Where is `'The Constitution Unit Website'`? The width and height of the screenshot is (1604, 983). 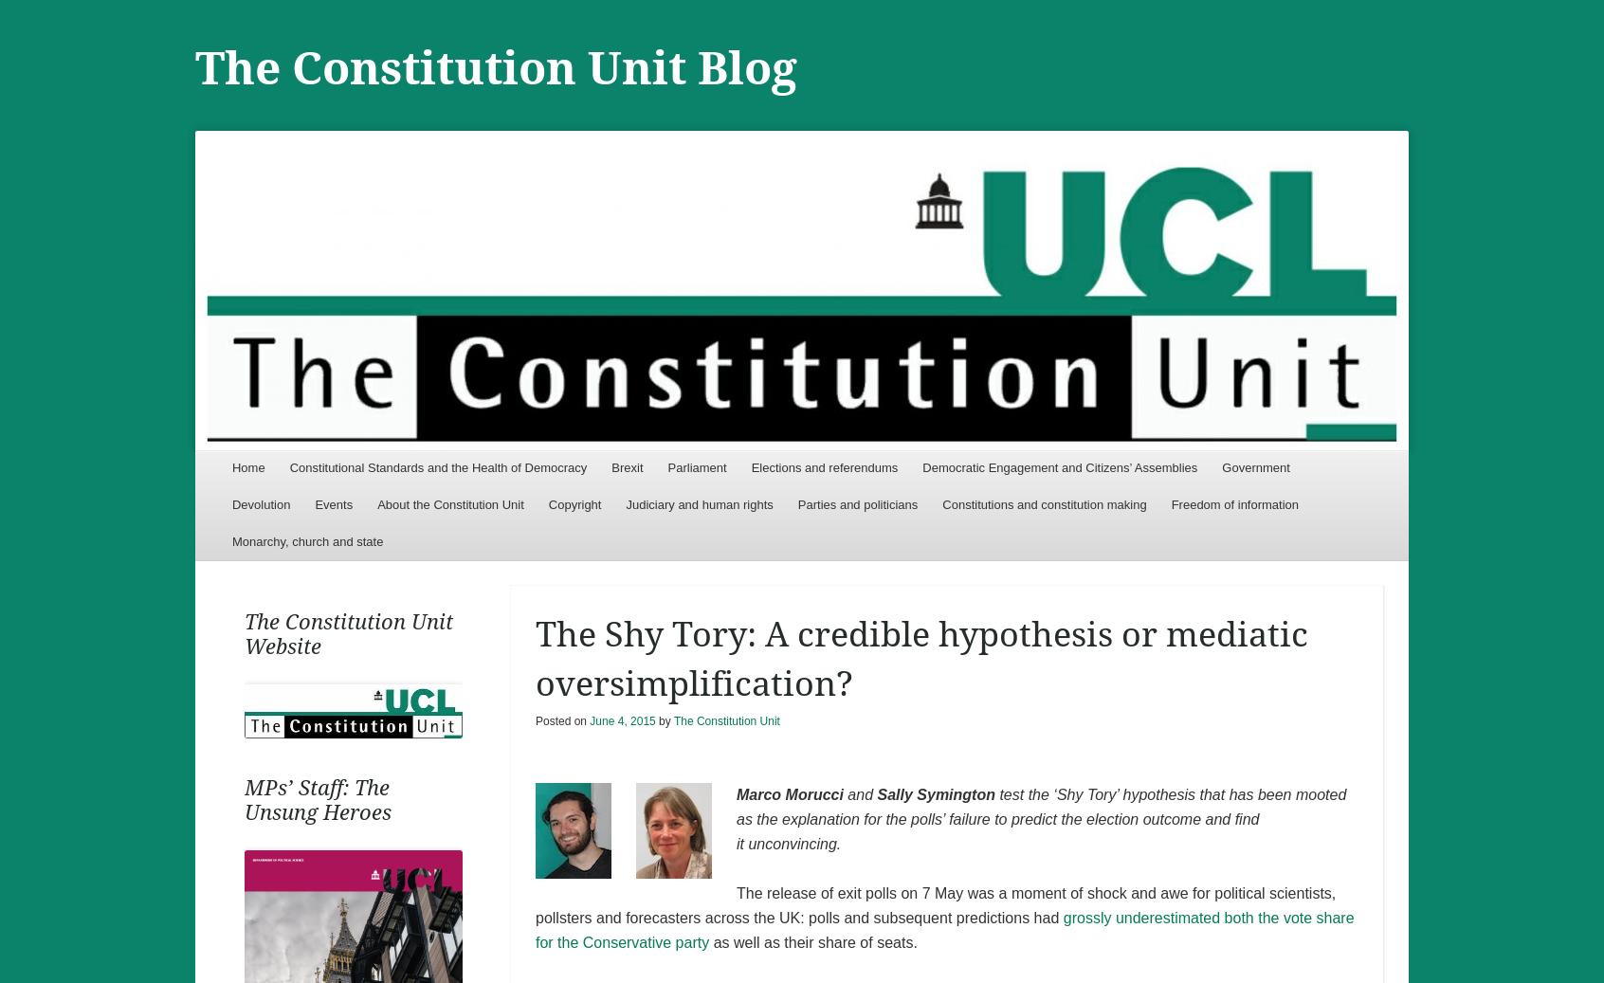
'The Constitution Unit Website' is located at coordinates (347, 633).